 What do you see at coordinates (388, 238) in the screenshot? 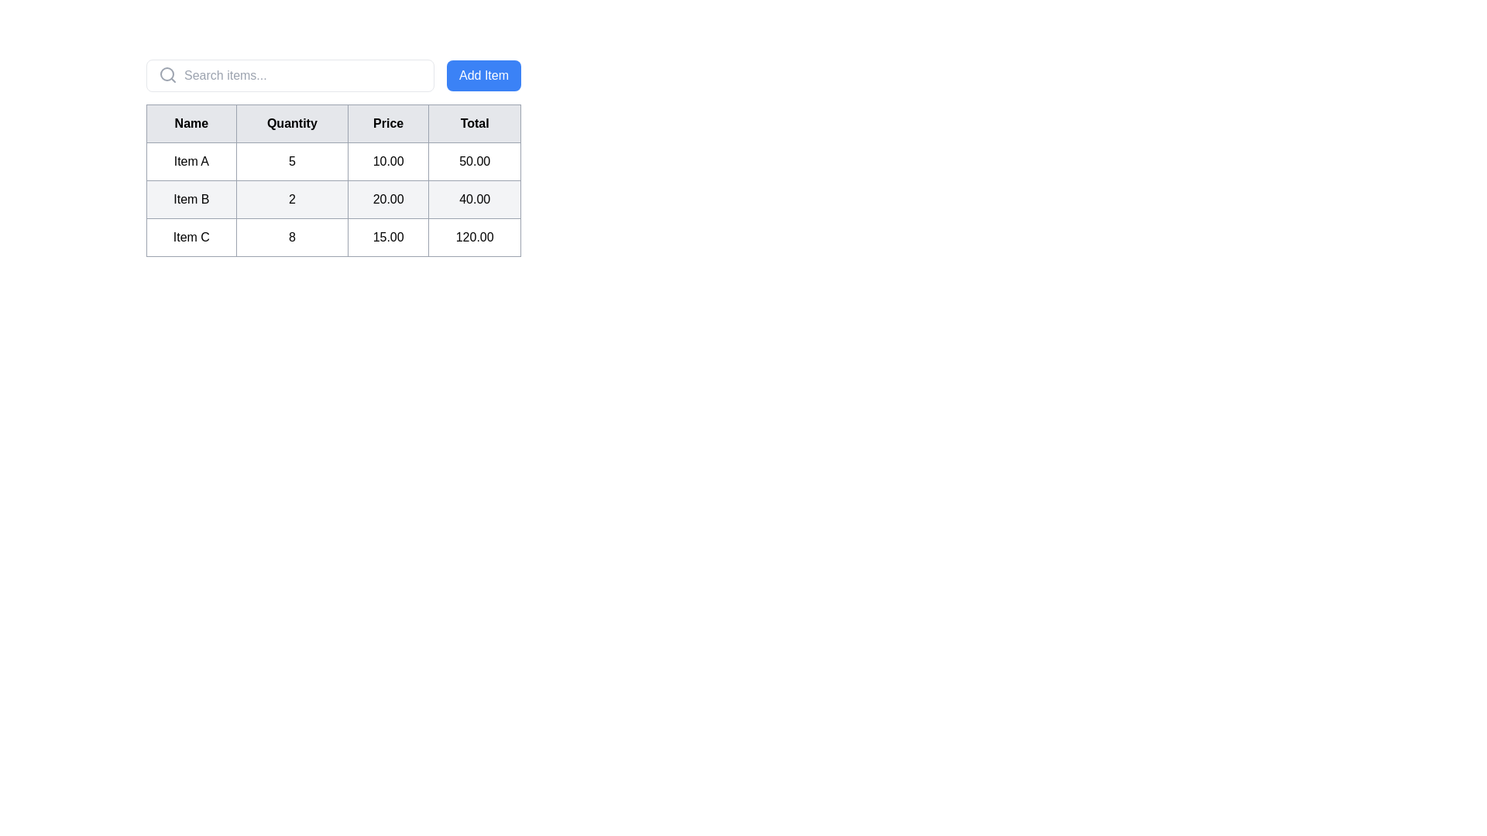
I see `the static text label displaying the price value '15.00' in the third row of the table under the 'Price' column for 'Item C'` at bounding box center [388, 238].